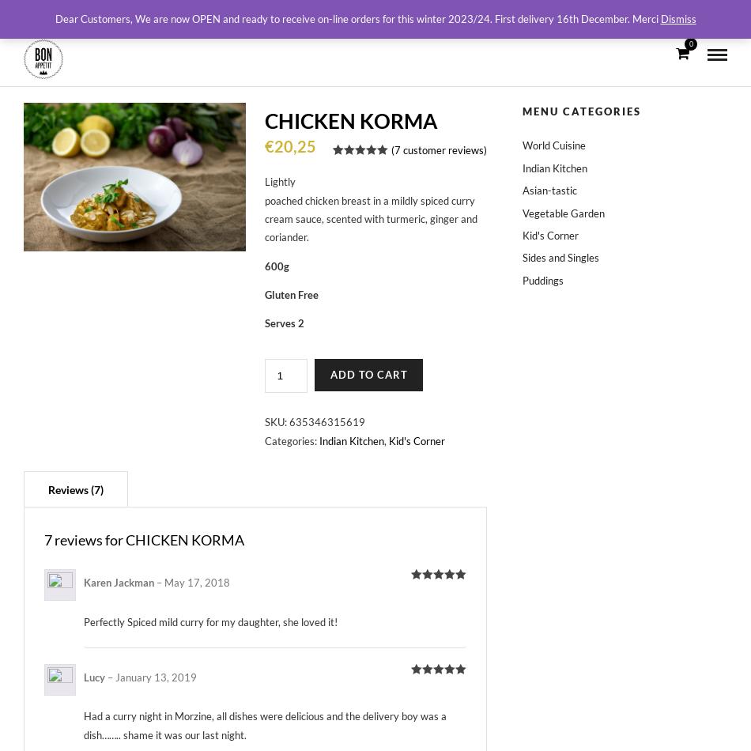 This screenshot has height=751, width=751. I want to click on '8', so click(334, 164).